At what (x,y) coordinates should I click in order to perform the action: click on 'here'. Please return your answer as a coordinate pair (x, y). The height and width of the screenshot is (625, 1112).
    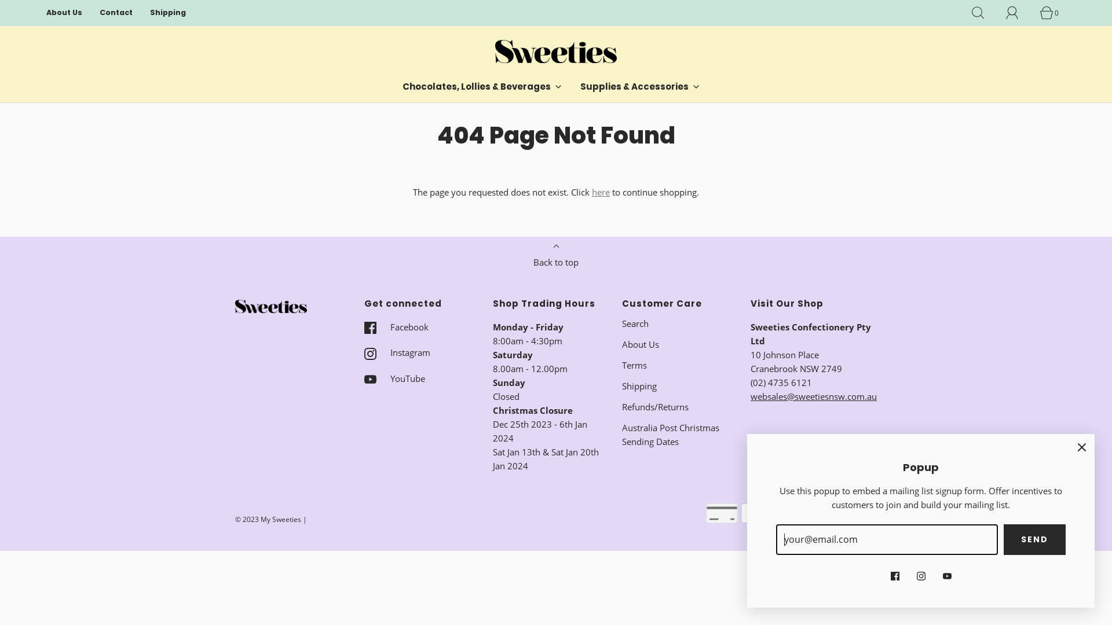
    Looking at the image, I should click on (601, 191).